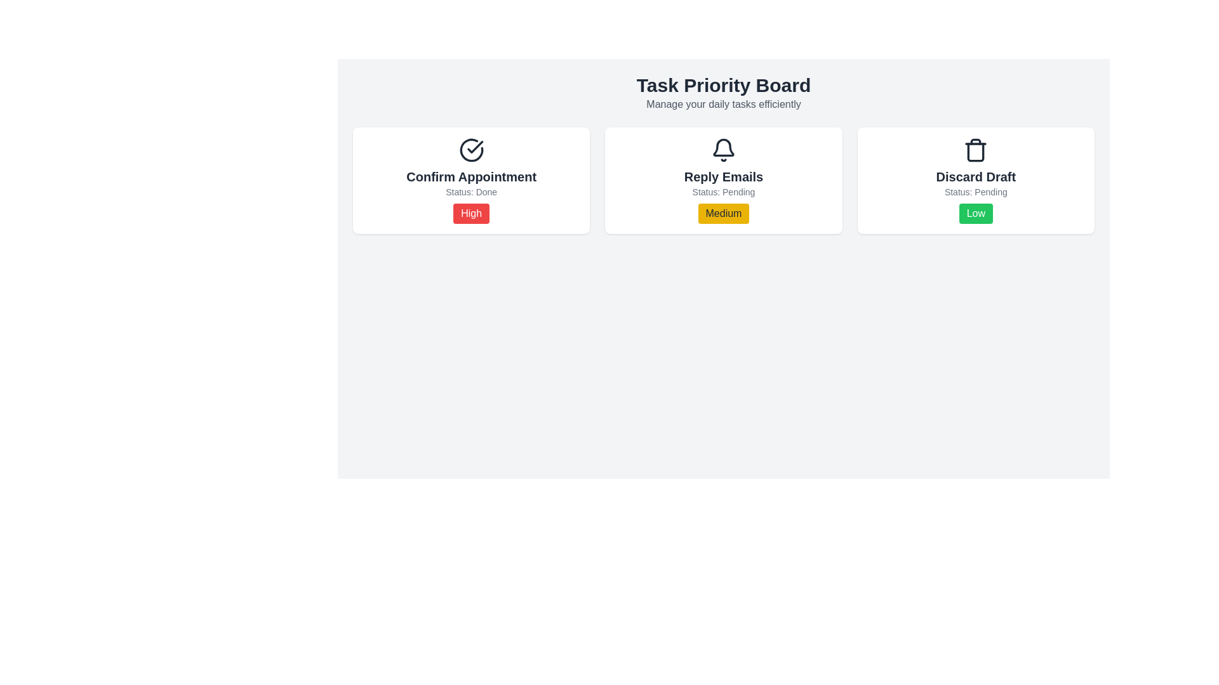 Image resolution: width=1219 pixels, height=685 pixels. Describe the element at coordinates (470, 149) in the screenshot. I see `the circular checkmark icon in the 'Confirm Appointment' section, which indicates completion or affirmation` at that location.